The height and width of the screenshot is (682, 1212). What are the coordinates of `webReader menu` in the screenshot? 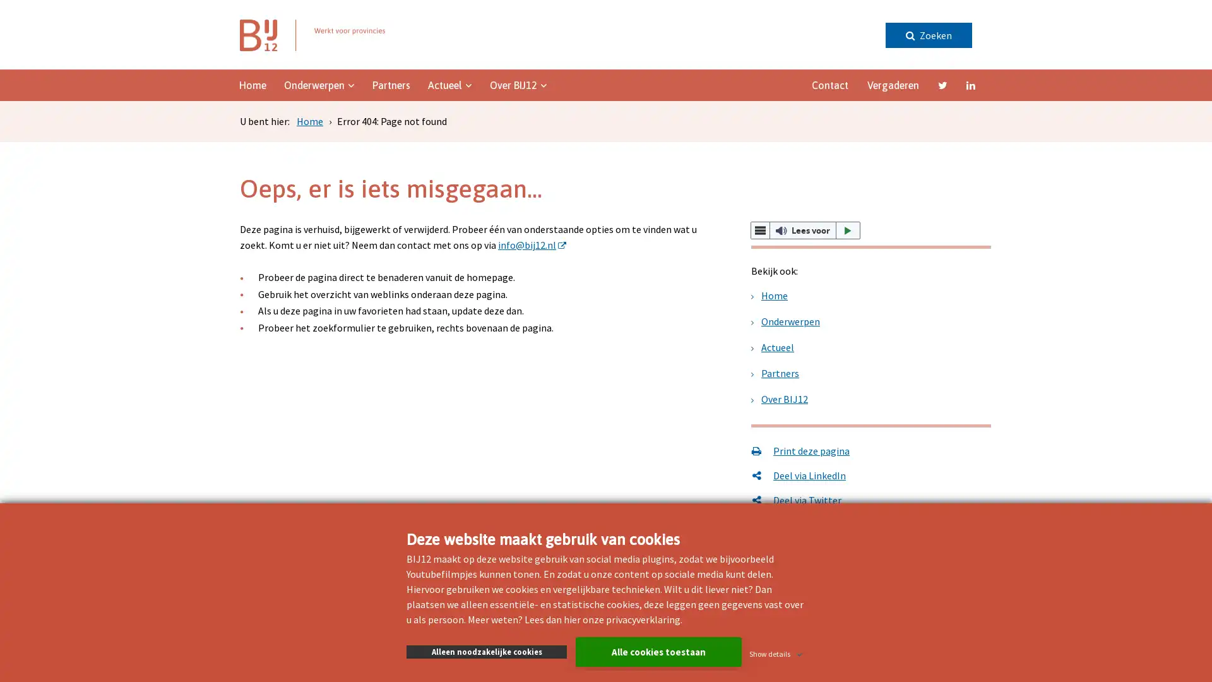 It's located at (759, 230).